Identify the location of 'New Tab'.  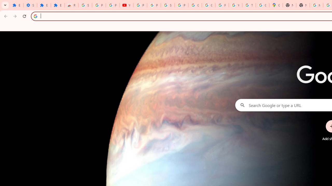
(303, 5).